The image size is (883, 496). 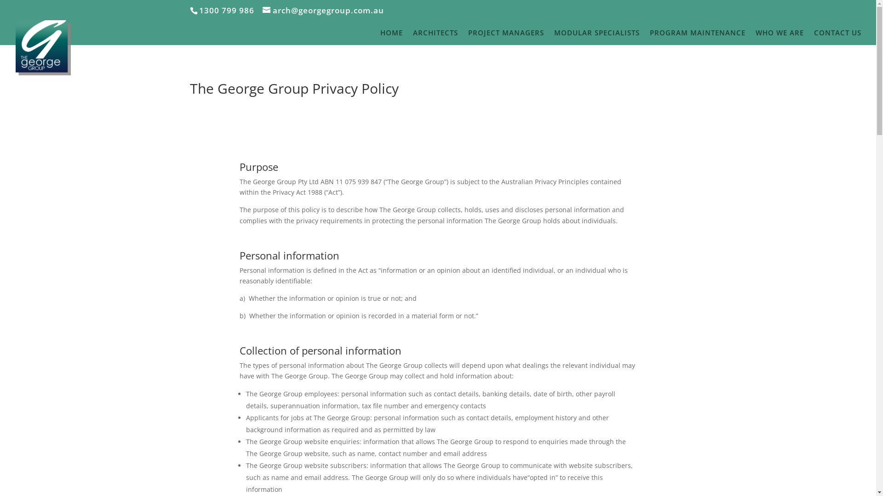 What do you see at coordinates (779, 37) in the screenshot?
I see `'WHO WE ARE'` at bounding box center [779, 37].